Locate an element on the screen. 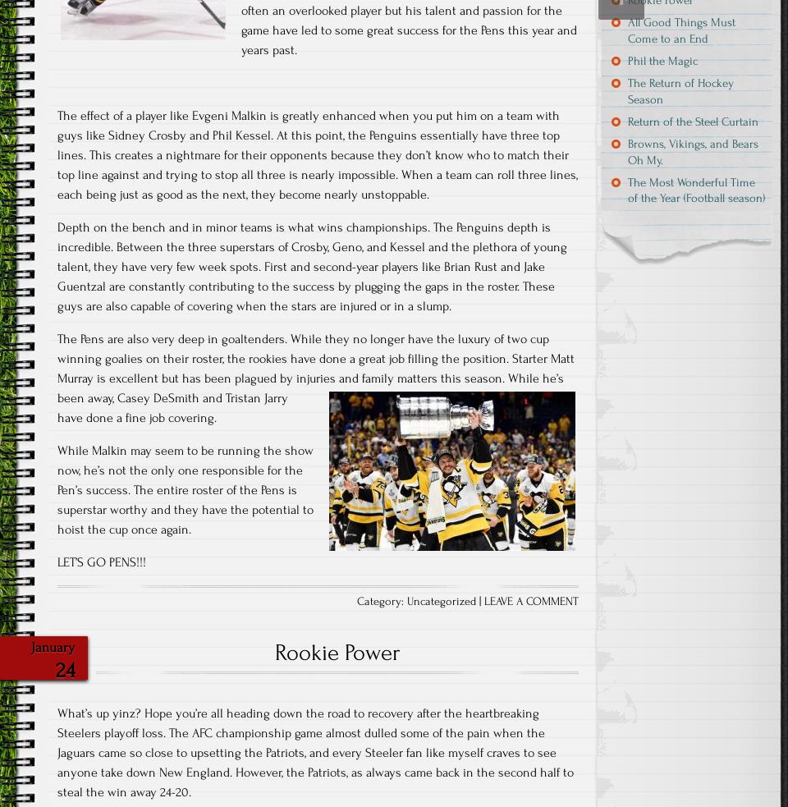 This screenshot has width=788, height=807. 'The effect of a player like Evgeni Malkin is greatly enhanced when you put him on a team with guys like Sidney Crosby and Phil Kessel. At this point, the Penguins essentially have three top lines. This creates a nightmare for their opponents because they don’t know who to match their top line against and trying to stop all three is nearly impossible. When a team can roll three lines, each being just as good as the next, they become nearly unstoppable.' is located at coordinates (57, 154).